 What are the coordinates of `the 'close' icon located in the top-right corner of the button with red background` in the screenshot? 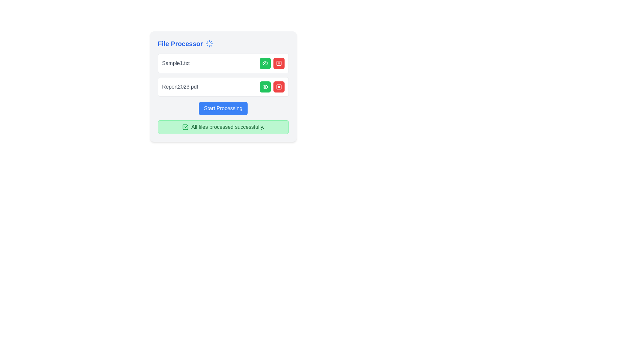 It's located at (279, 63).